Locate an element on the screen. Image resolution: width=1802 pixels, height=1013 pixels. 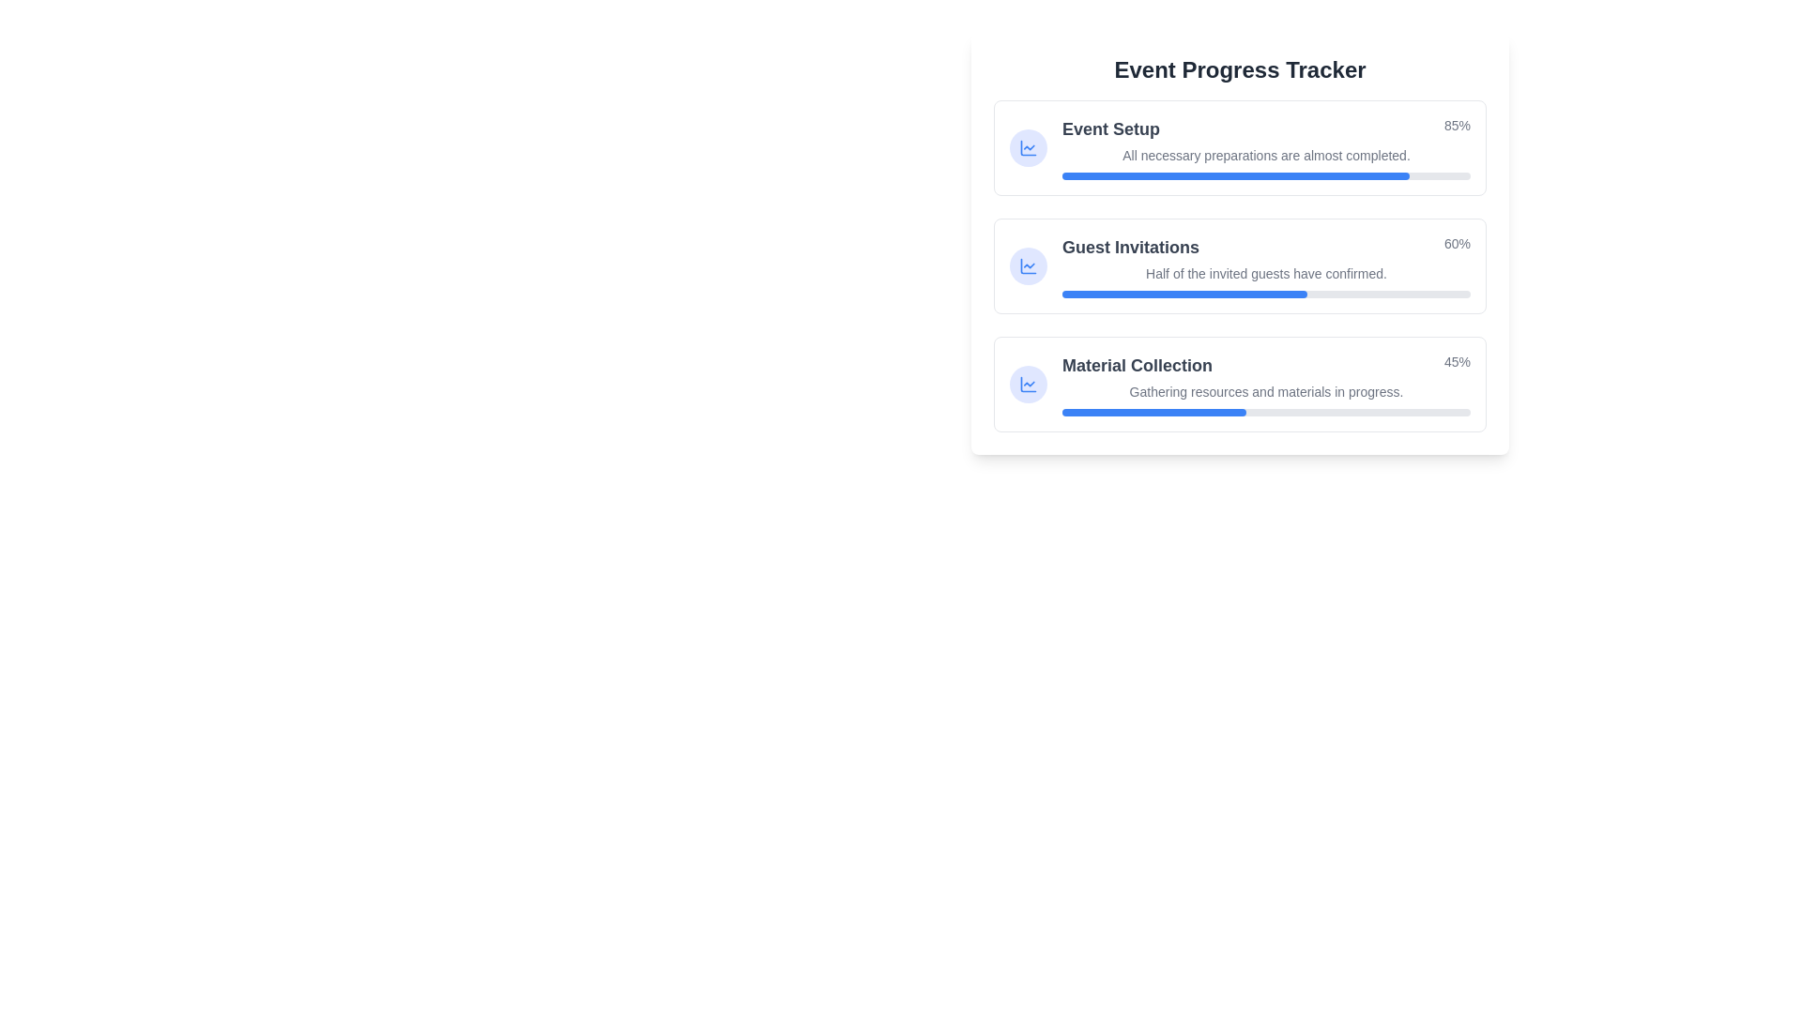
the current progress value visually on the ProgressBar indicating 45% completion within the 'Material Collection' section of the 'Event Progress Tracker' is located at coordinates (1153, 411).